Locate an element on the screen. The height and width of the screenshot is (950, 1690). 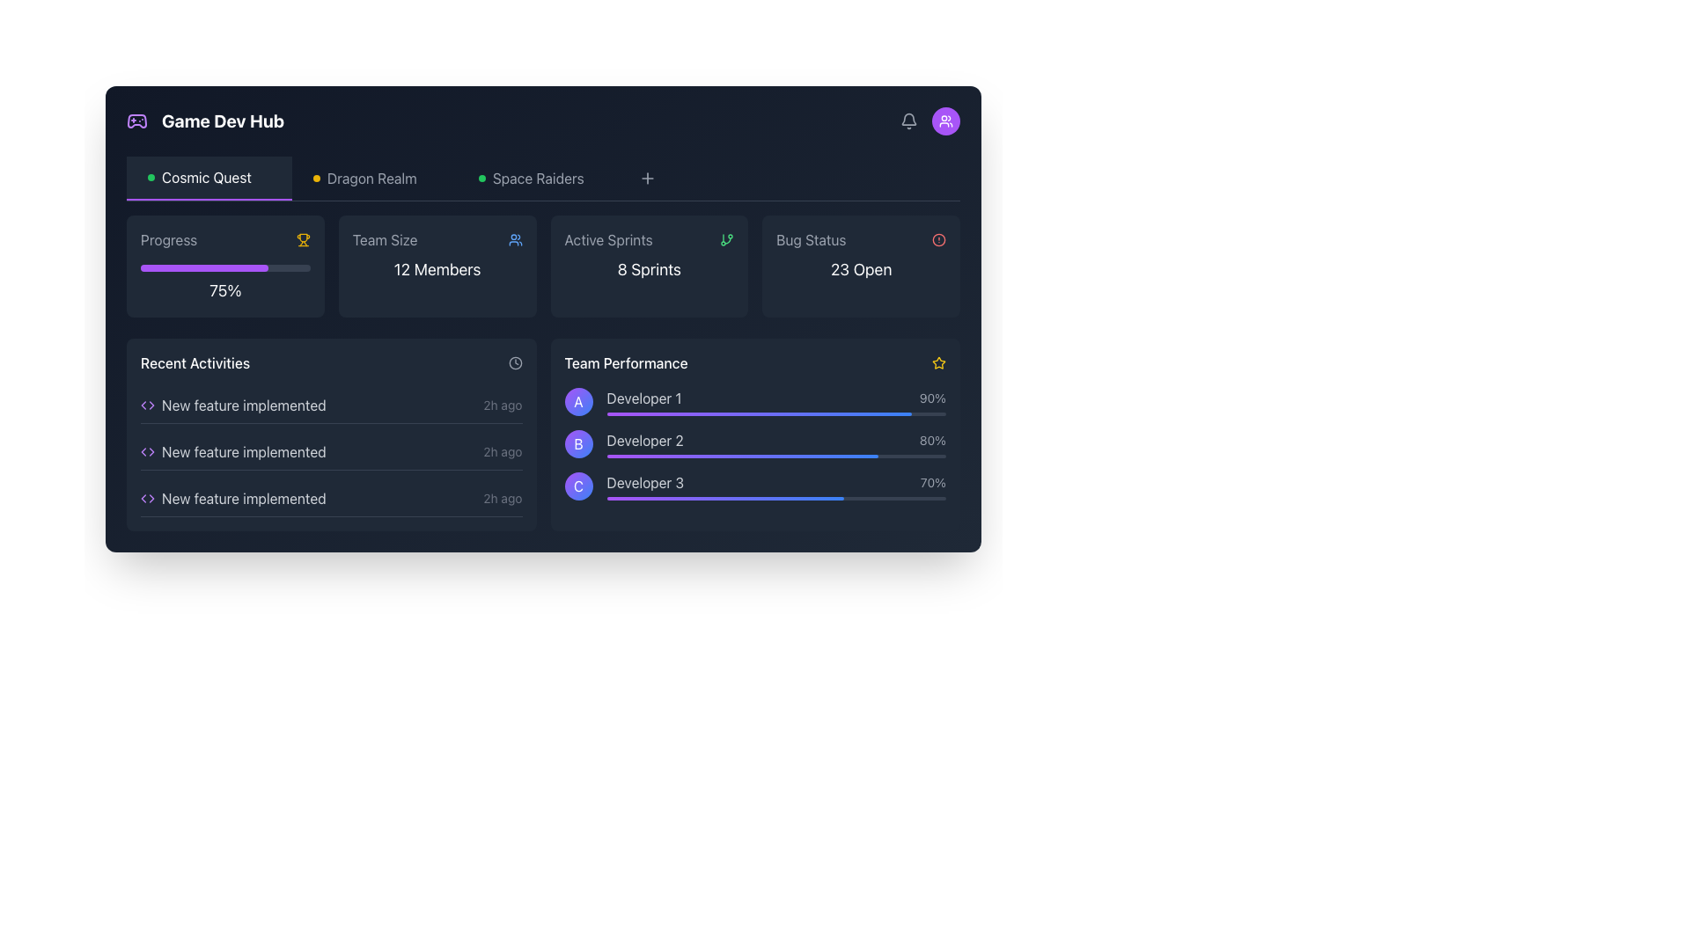
the first progress bar in the 'Team Performance' section, which visually represents 'Developer 1' and shows '90%' is located at coordinates (775, 413).